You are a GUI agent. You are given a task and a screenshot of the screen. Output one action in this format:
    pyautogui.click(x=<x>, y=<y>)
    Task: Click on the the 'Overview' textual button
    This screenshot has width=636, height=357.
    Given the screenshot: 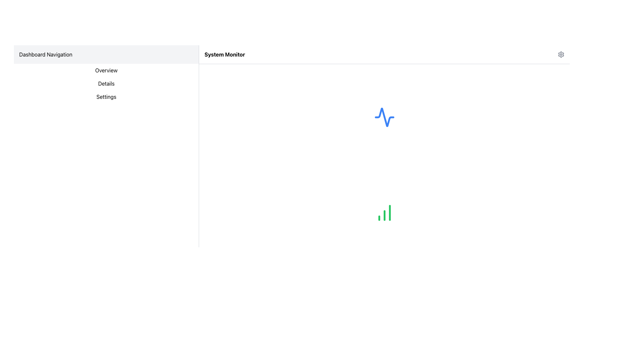 What is the action you would take?
    pyautogui.click(x=106, y=70)
    